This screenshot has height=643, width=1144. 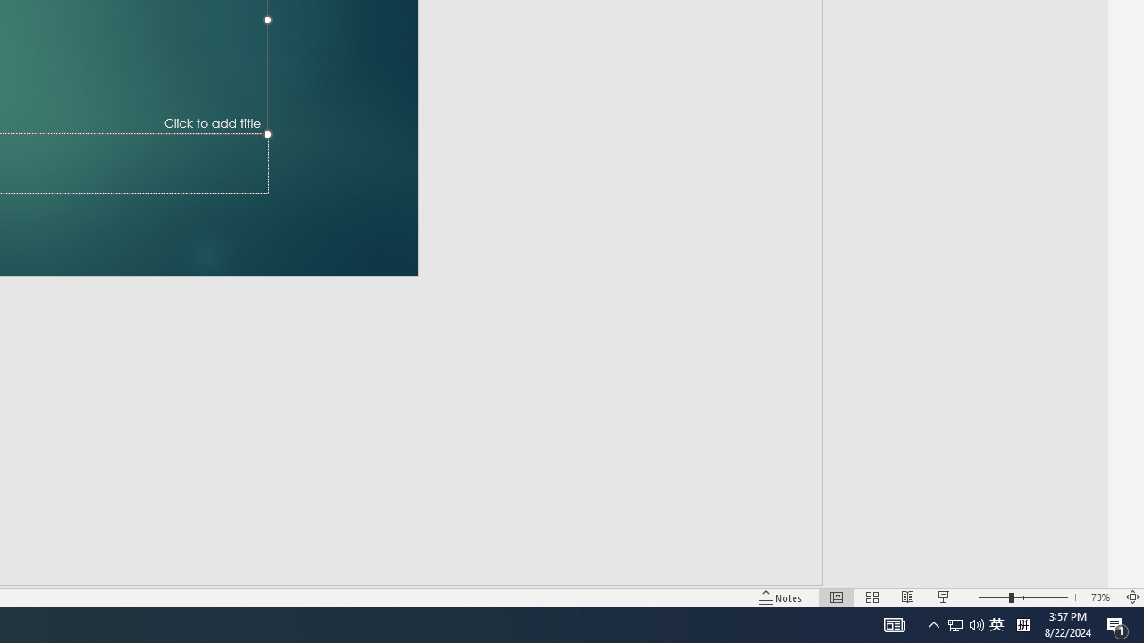 I want to click on 'Slide Sorter', so click(x=872, y=597).